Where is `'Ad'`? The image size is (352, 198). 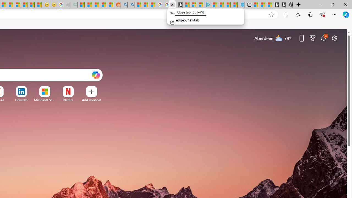 'Ad' is located at coordinates (2, 100).